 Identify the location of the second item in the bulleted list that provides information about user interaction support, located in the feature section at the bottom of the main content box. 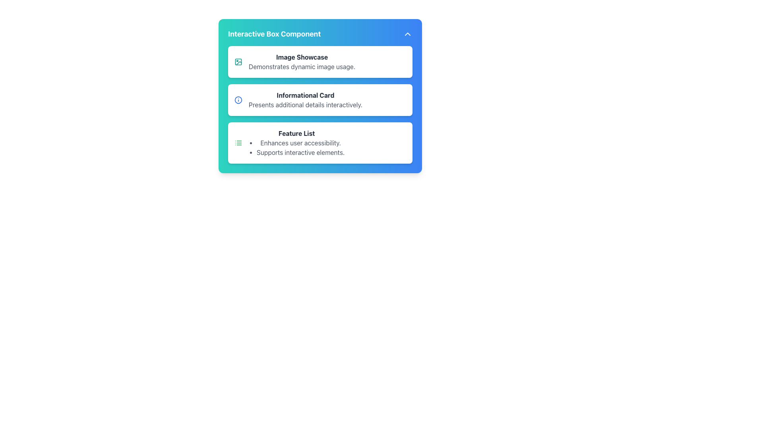
(300, 153).